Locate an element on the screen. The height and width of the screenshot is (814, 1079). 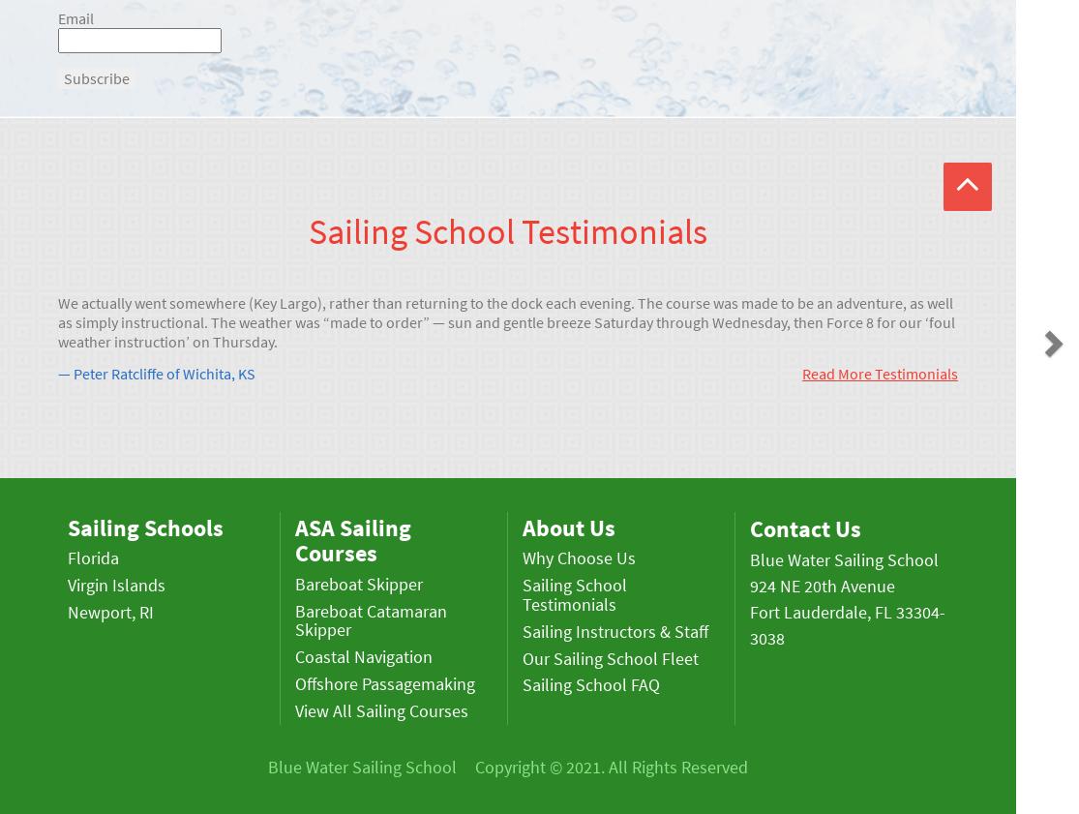
'Newport, RI' is located at coordinates (109, 611).